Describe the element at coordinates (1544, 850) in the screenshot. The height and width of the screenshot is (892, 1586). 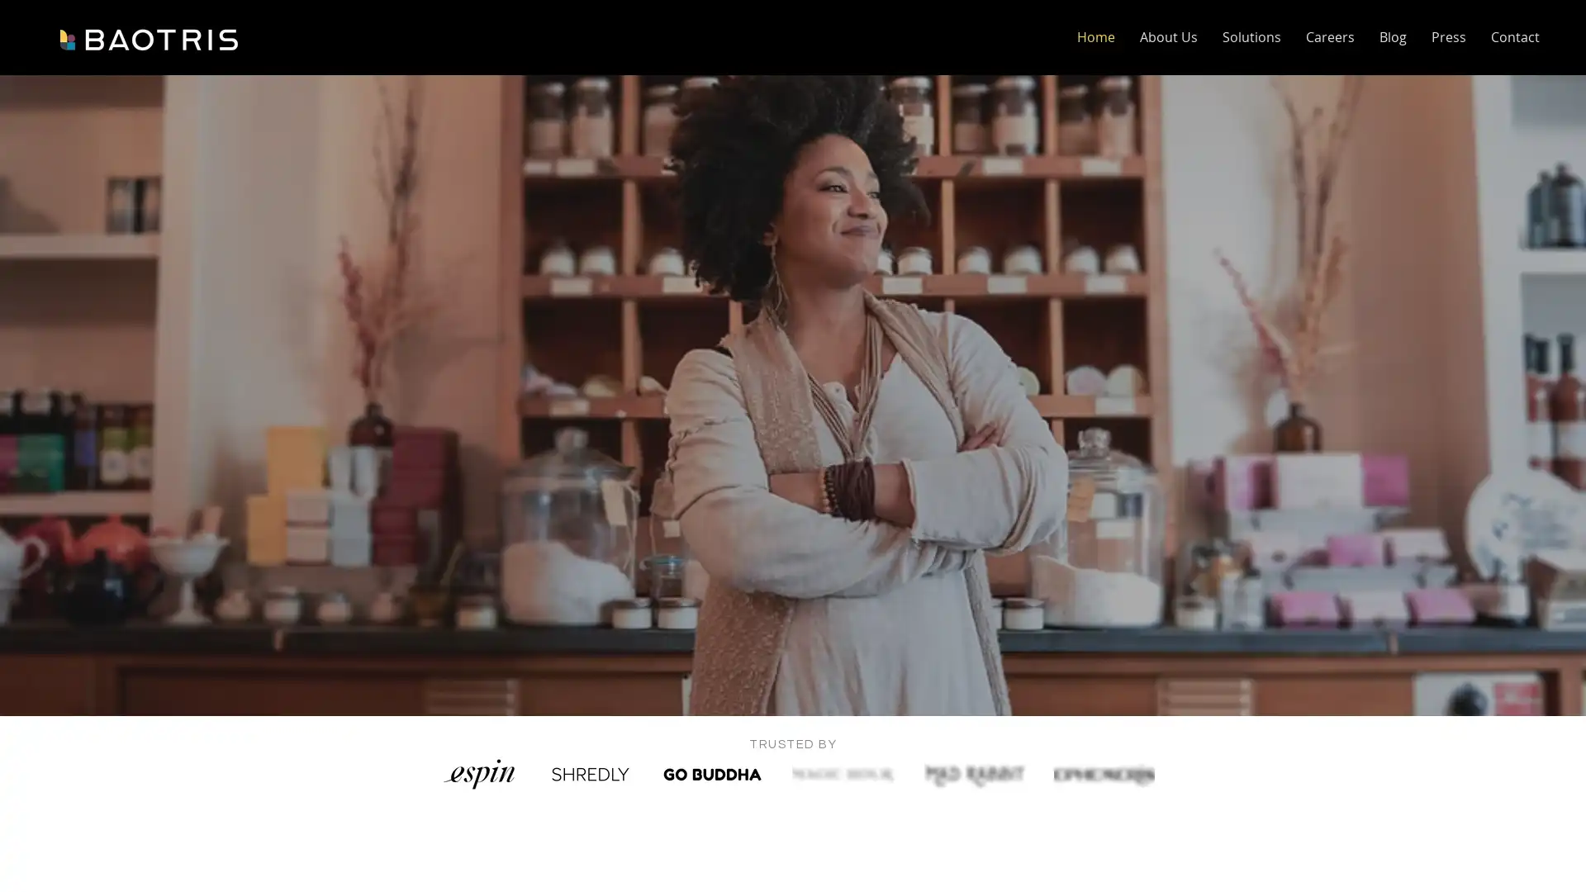
I see `Open Intercom Messenger` at that location.